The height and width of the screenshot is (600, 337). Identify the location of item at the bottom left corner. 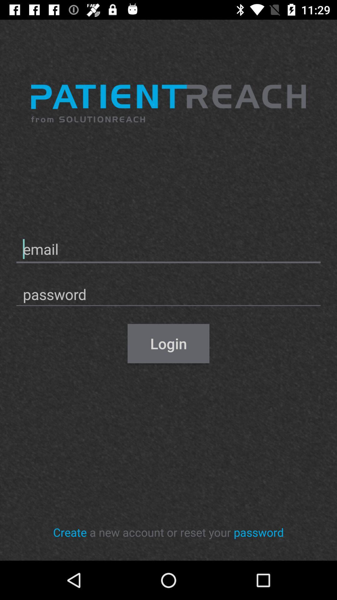
(70, 532).